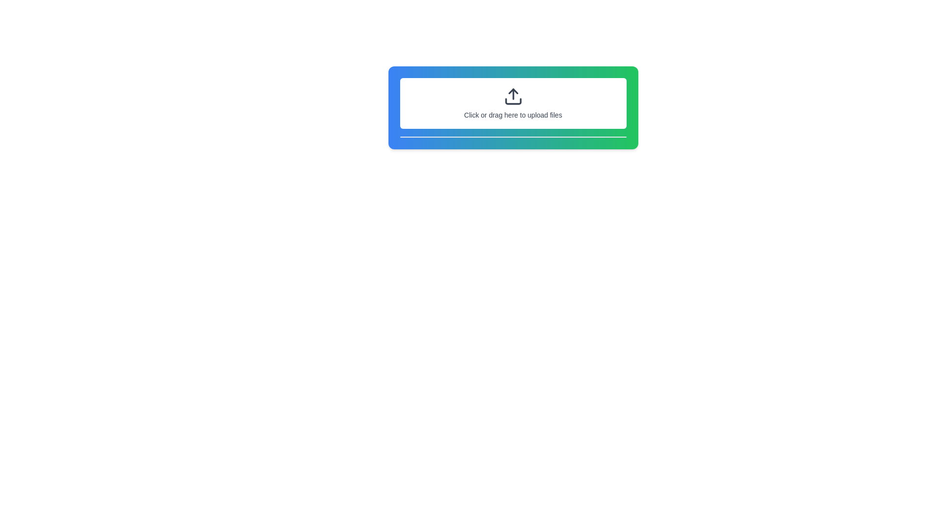 This screenshot has width=937, height=527. What do you see at coordinates (512, 107) in the screenshot?
I see `the File upload area, which features a gradient background and a dashed border with the text 'Click or drag here to upload files'` at bounding box center [512, 107].